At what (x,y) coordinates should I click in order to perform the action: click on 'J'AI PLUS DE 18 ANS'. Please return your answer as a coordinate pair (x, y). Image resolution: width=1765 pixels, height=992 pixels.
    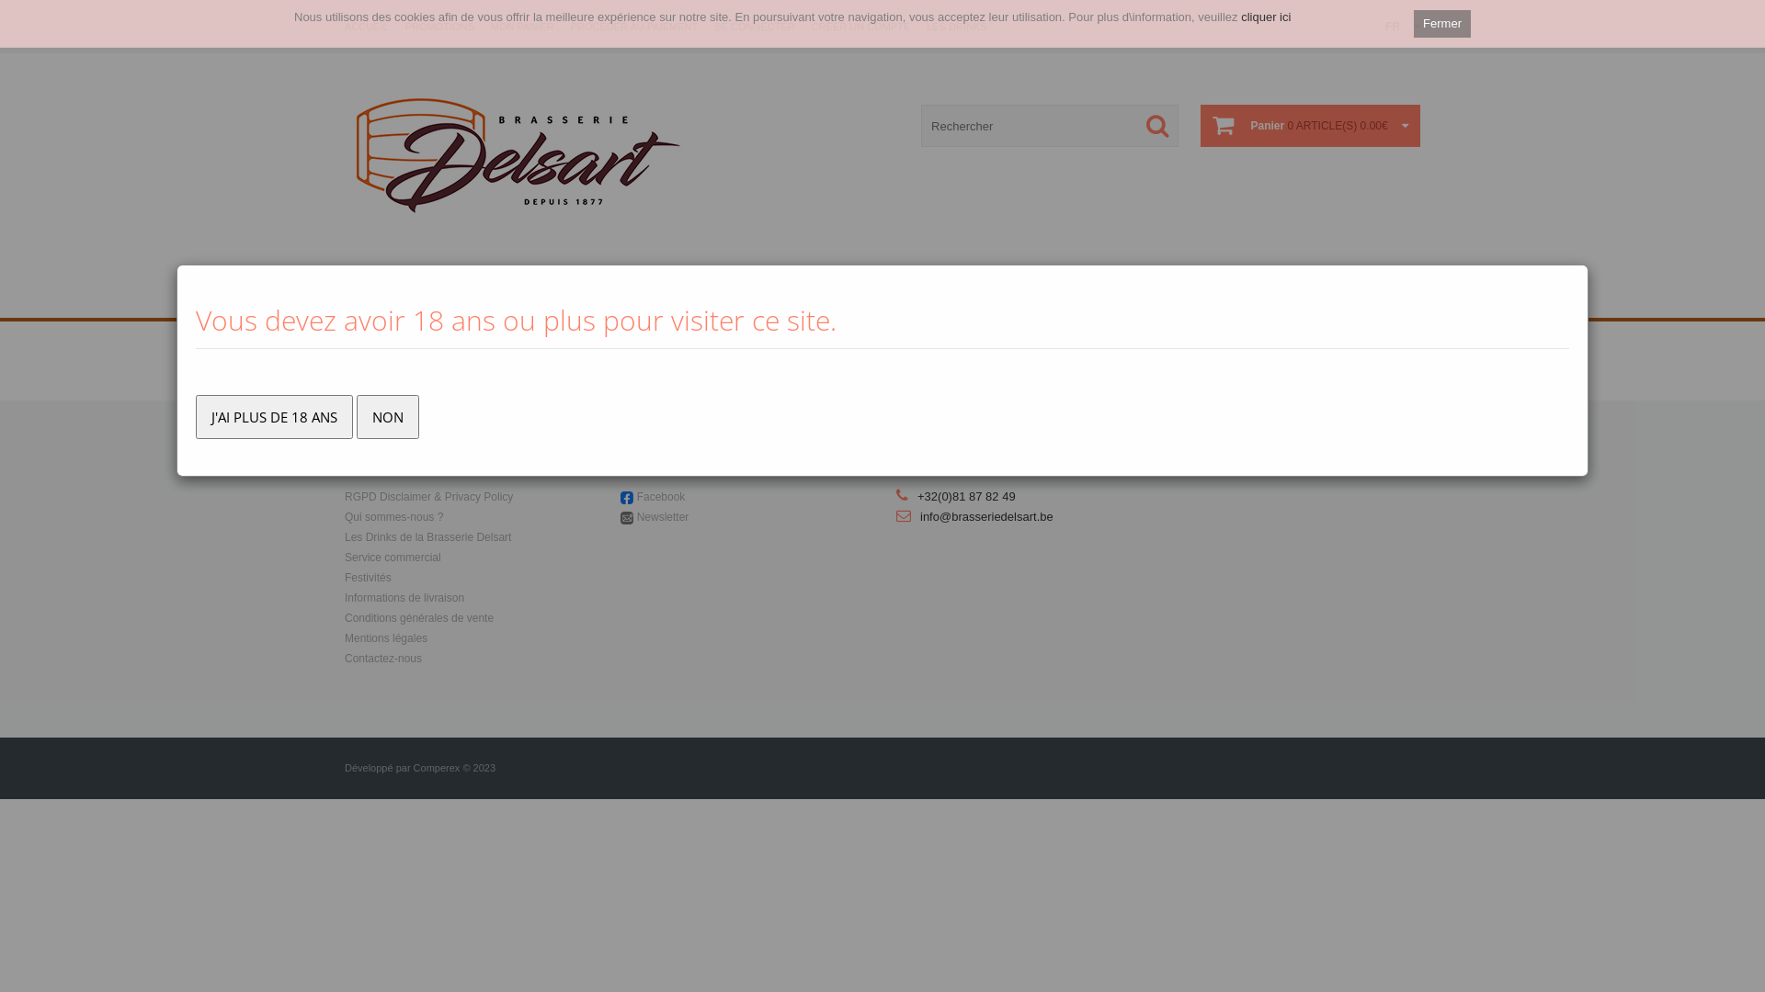
    Looking at the image, I should click on (273, 417).